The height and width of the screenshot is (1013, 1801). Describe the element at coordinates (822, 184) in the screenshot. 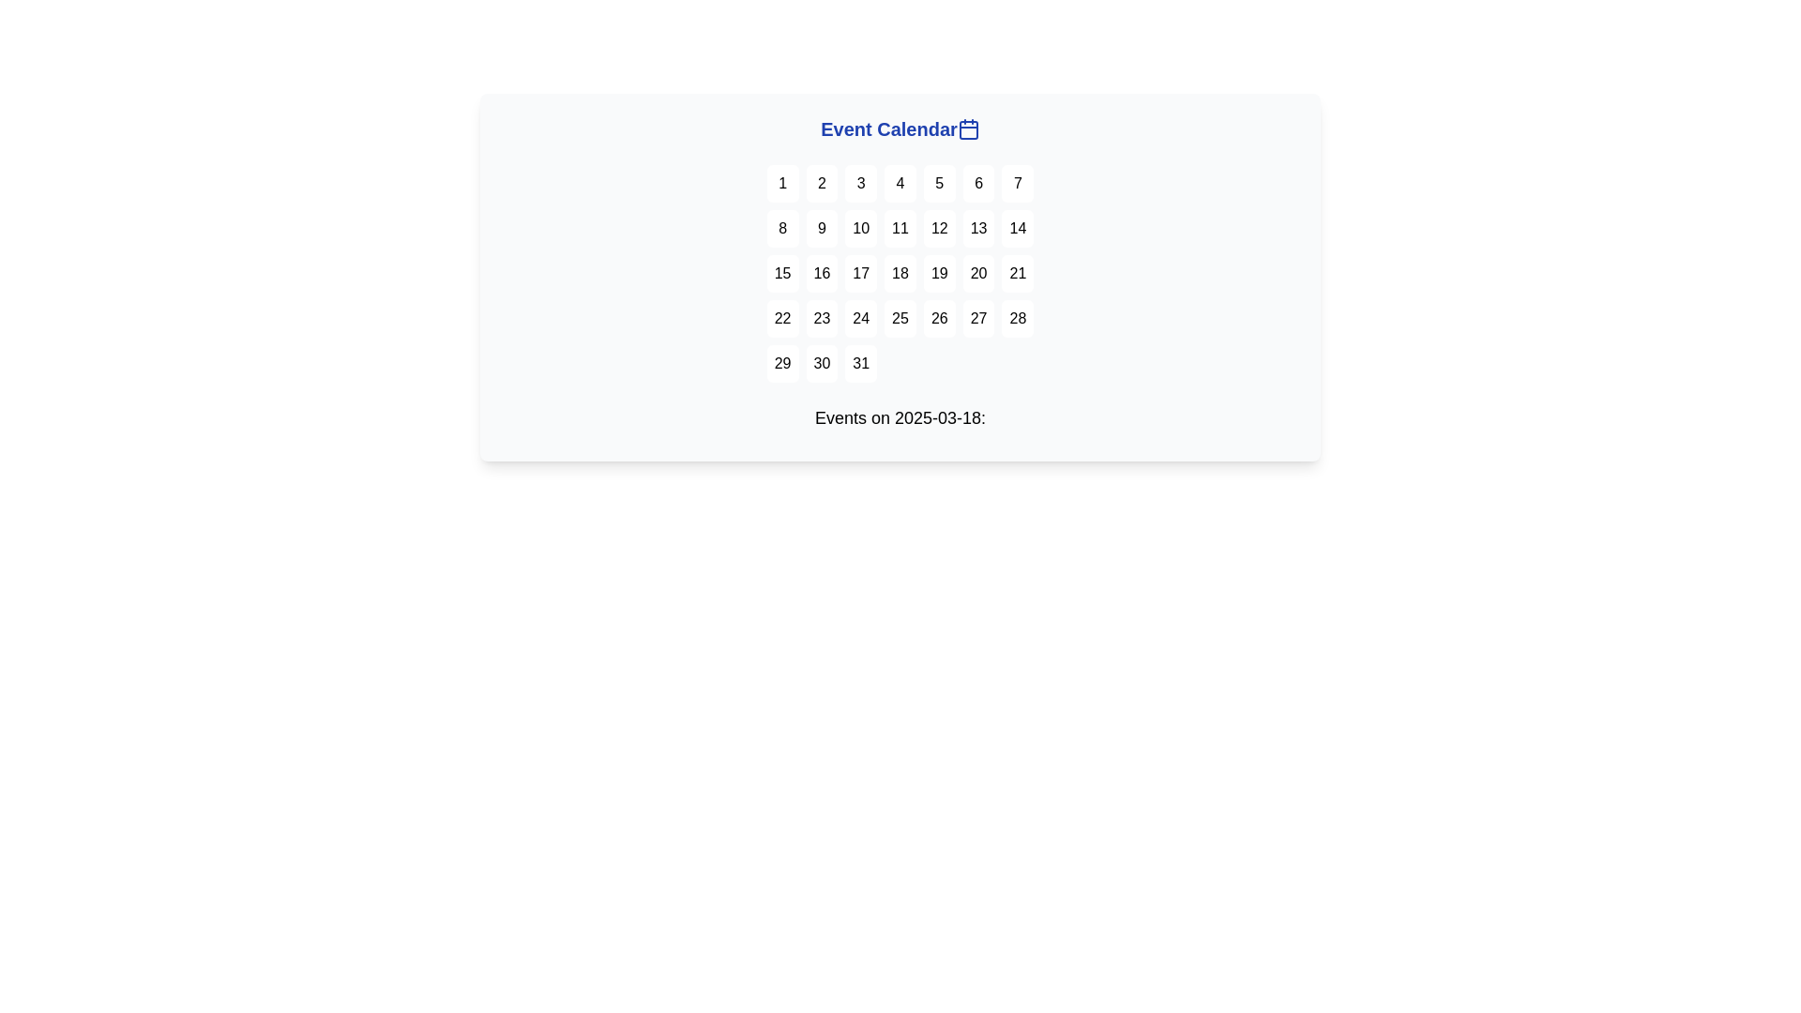

I see `the second button in the first row of the calendar grid` at that location.